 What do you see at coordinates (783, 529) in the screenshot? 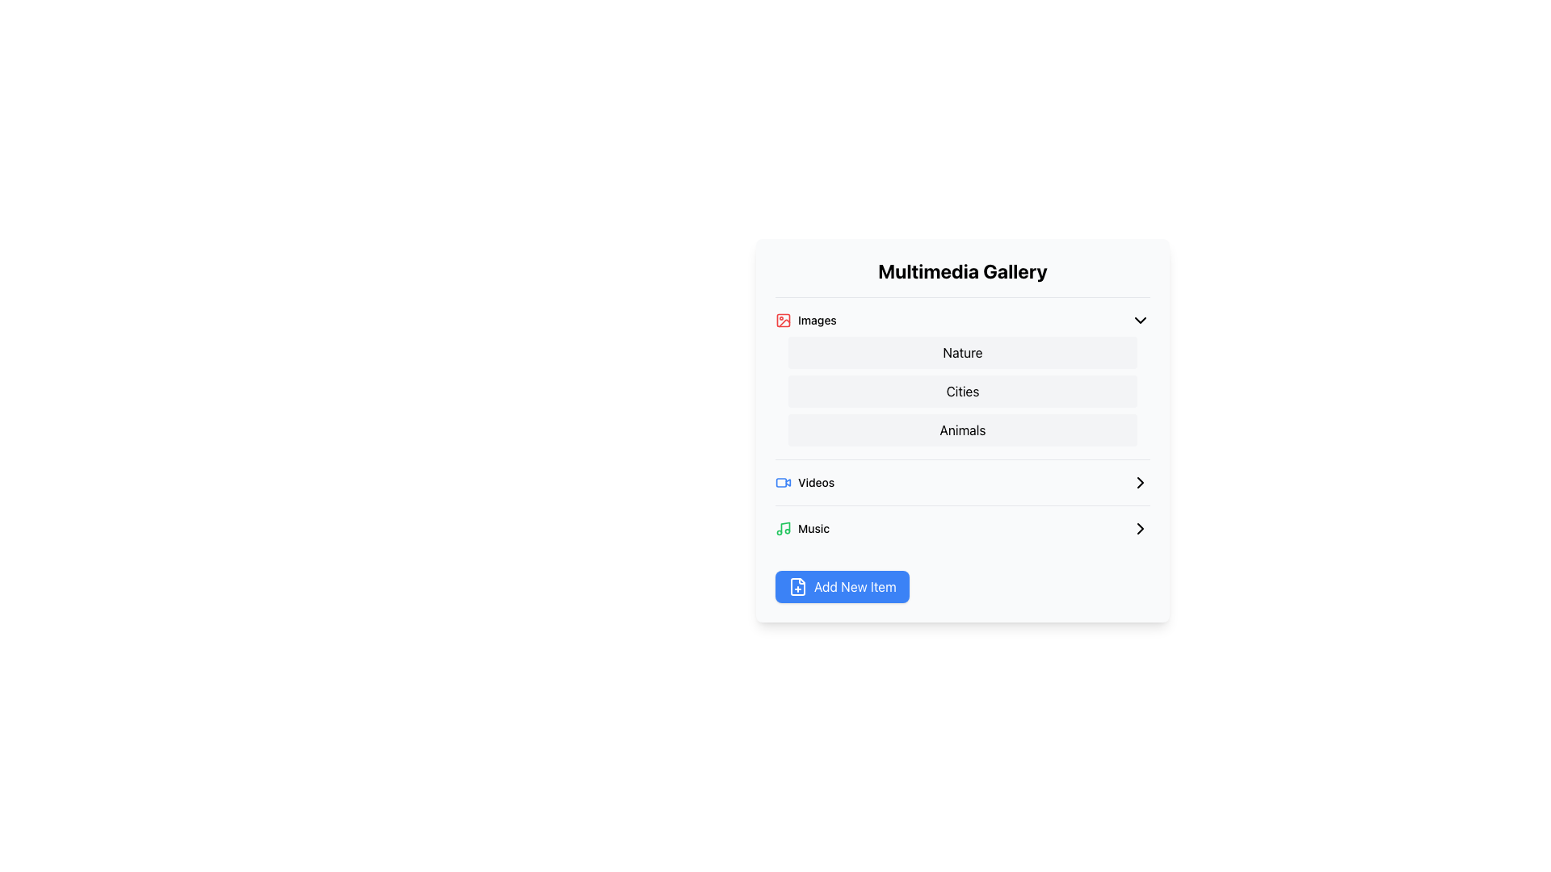
I see `the green music icon in the Multimedia Gallery menu` at bounding box center [783, 529].